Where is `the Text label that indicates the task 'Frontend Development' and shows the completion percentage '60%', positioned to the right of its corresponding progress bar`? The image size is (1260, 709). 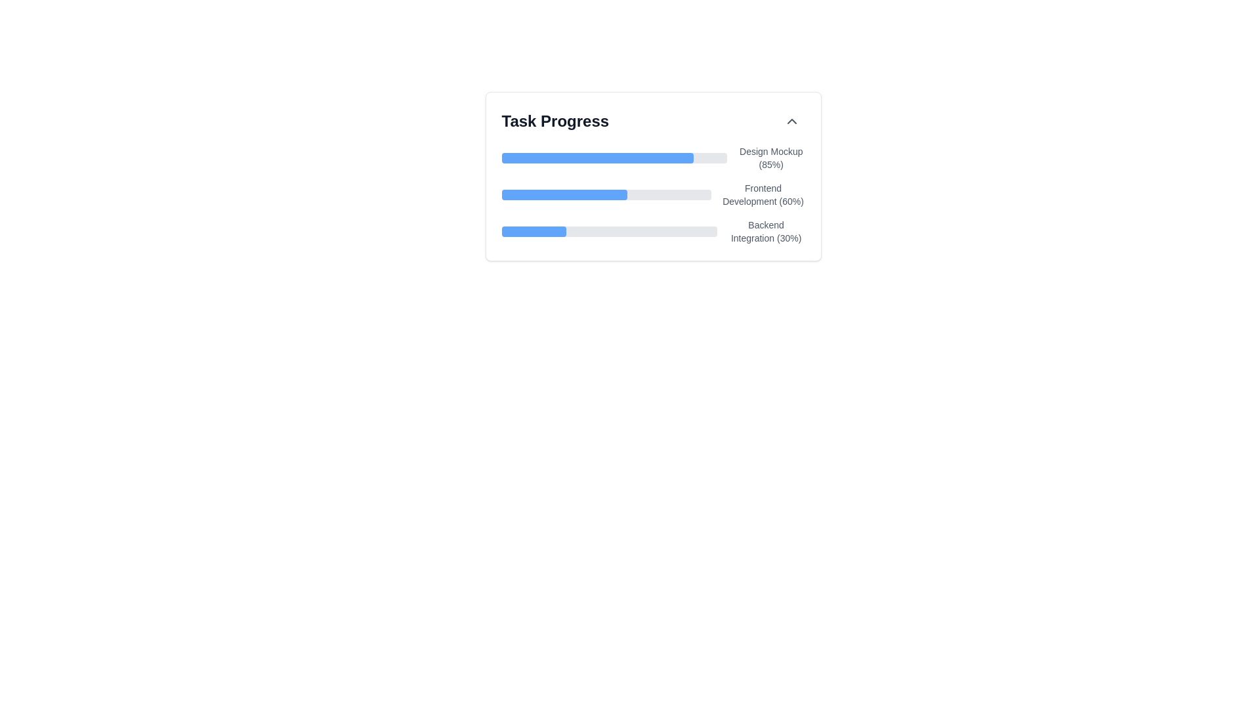
the Text label that indicates the task 'Frontend Development' and shows the completion percentage '60%', positioned to the right of its corresponding progress bar is located at coordinates (763, 195).